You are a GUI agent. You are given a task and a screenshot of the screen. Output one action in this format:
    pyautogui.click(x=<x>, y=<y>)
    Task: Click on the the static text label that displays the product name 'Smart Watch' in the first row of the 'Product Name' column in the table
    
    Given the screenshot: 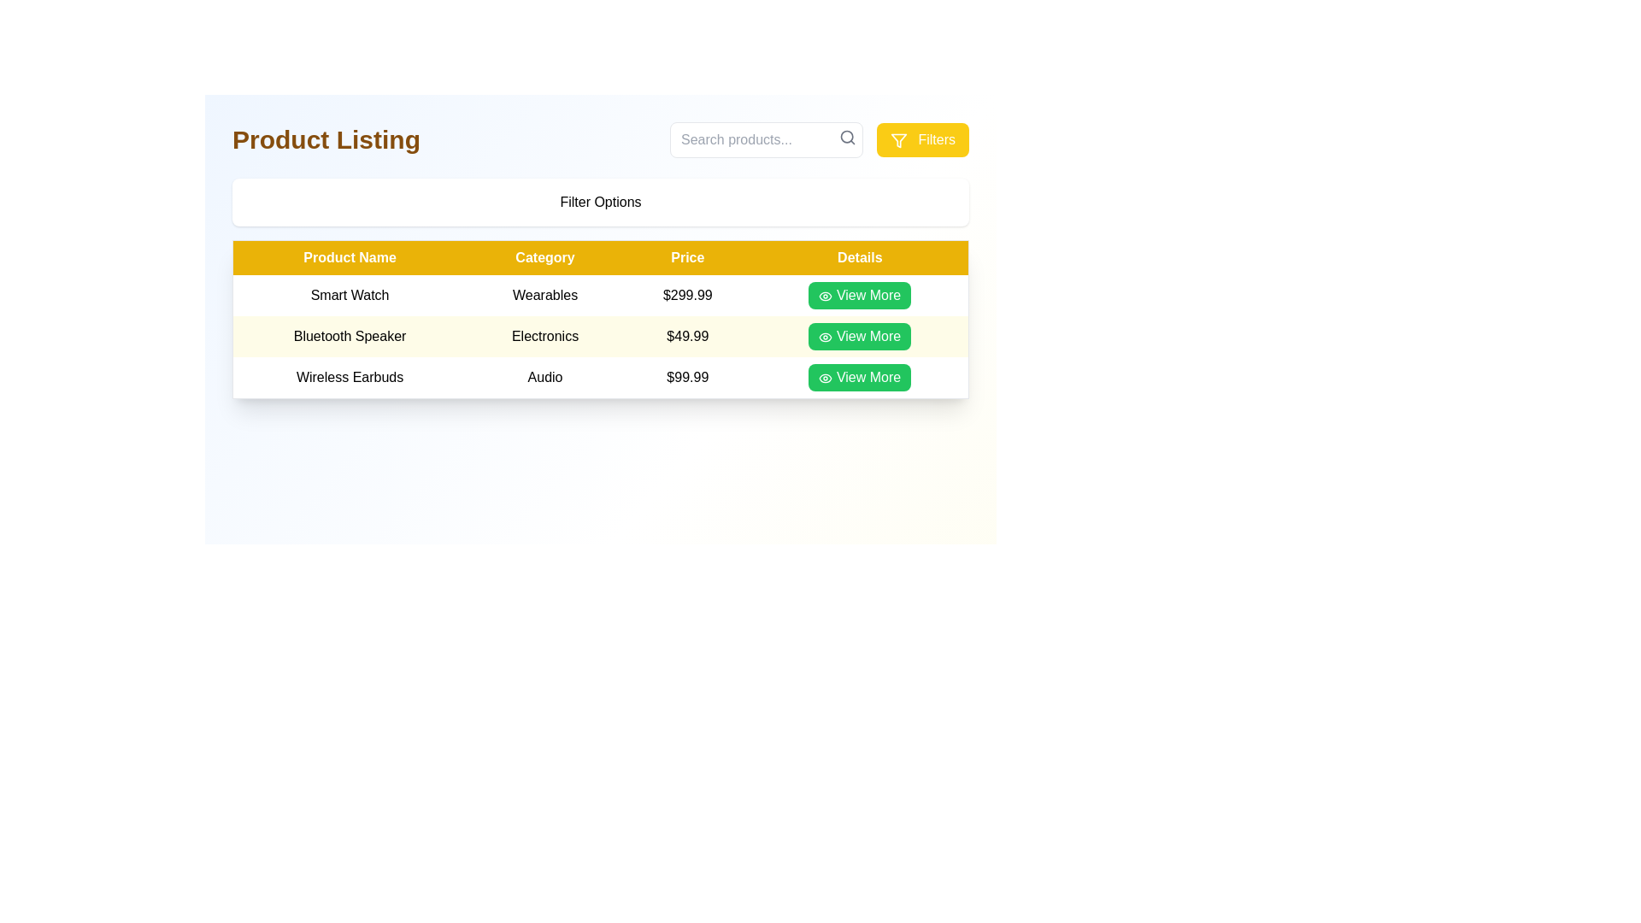 What is the action you would take?
    pyautogui.click(x=349, y=295)
    